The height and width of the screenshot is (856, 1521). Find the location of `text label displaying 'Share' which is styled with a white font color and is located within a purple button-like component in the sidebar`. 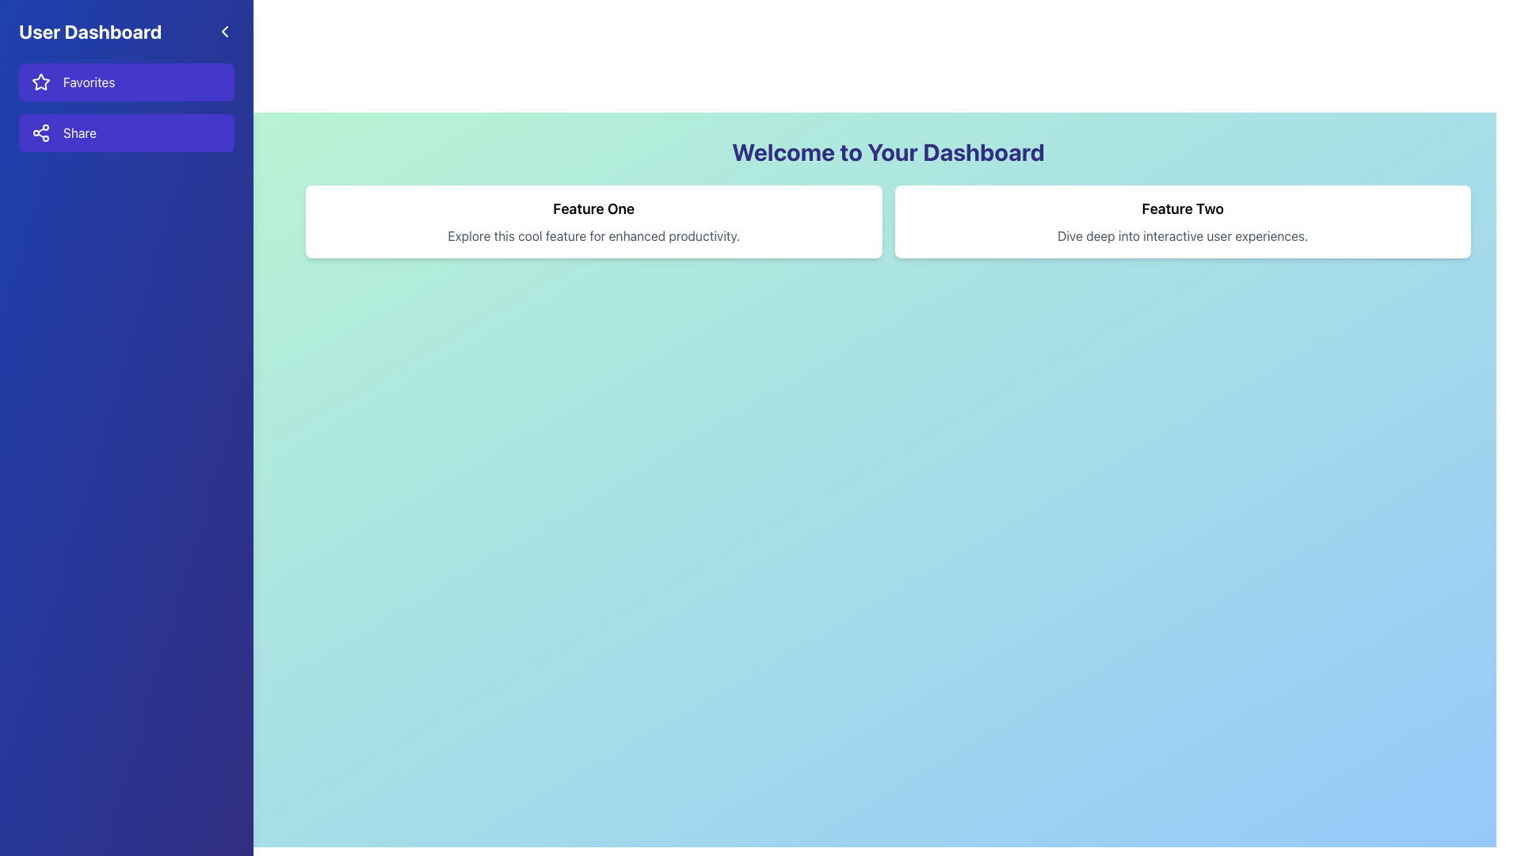

text label displaying 'Share' which is styled with a white font color and is located within a purple button-like component in the sidebar is located at coordinates (78, 132).